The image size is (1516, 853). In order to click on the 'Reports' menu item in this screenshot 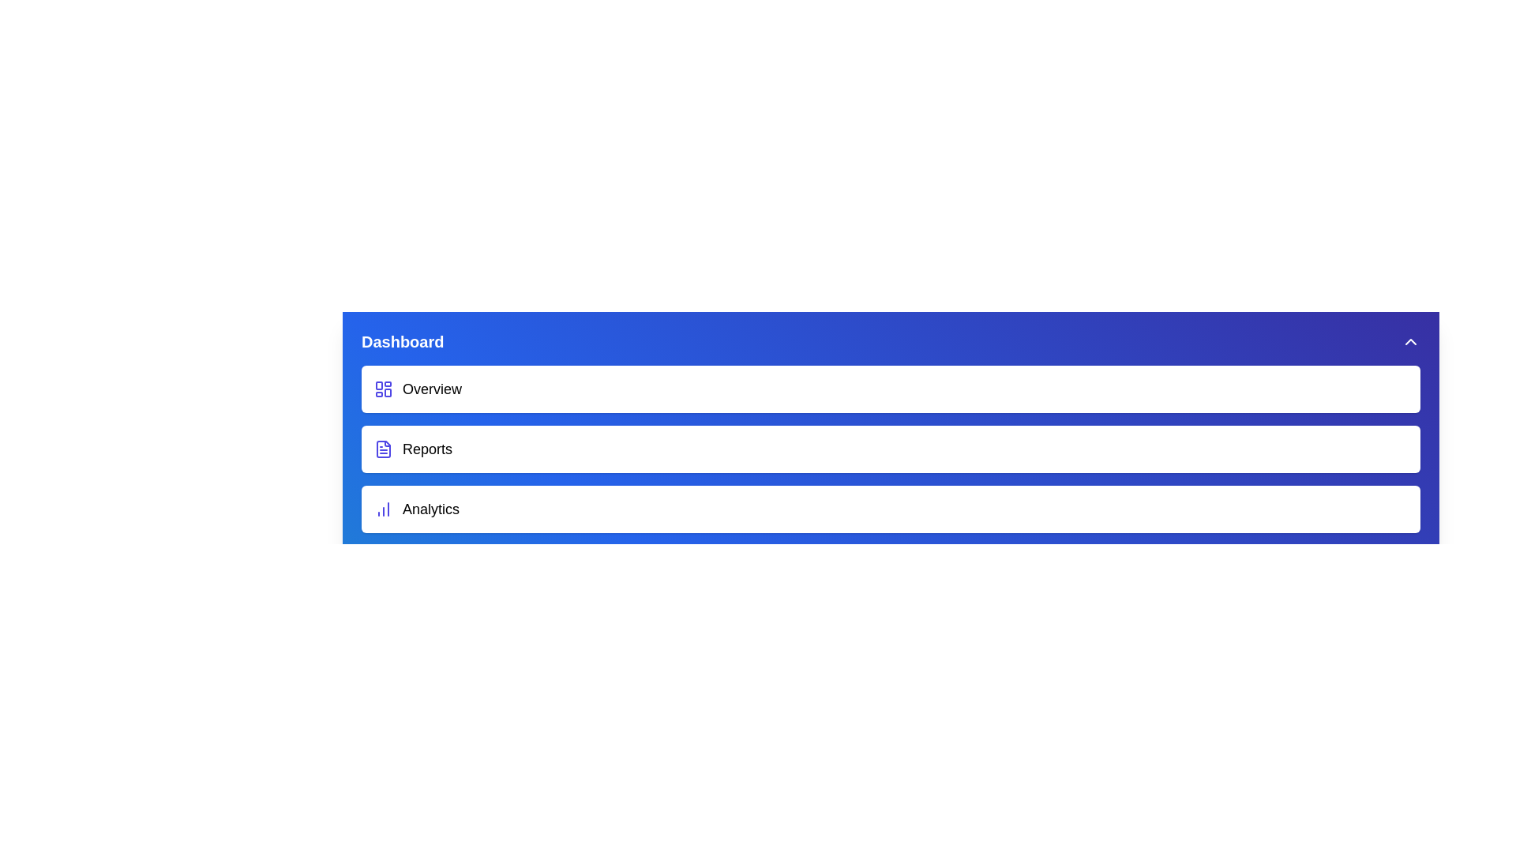, I will do `click(891, 449)`.